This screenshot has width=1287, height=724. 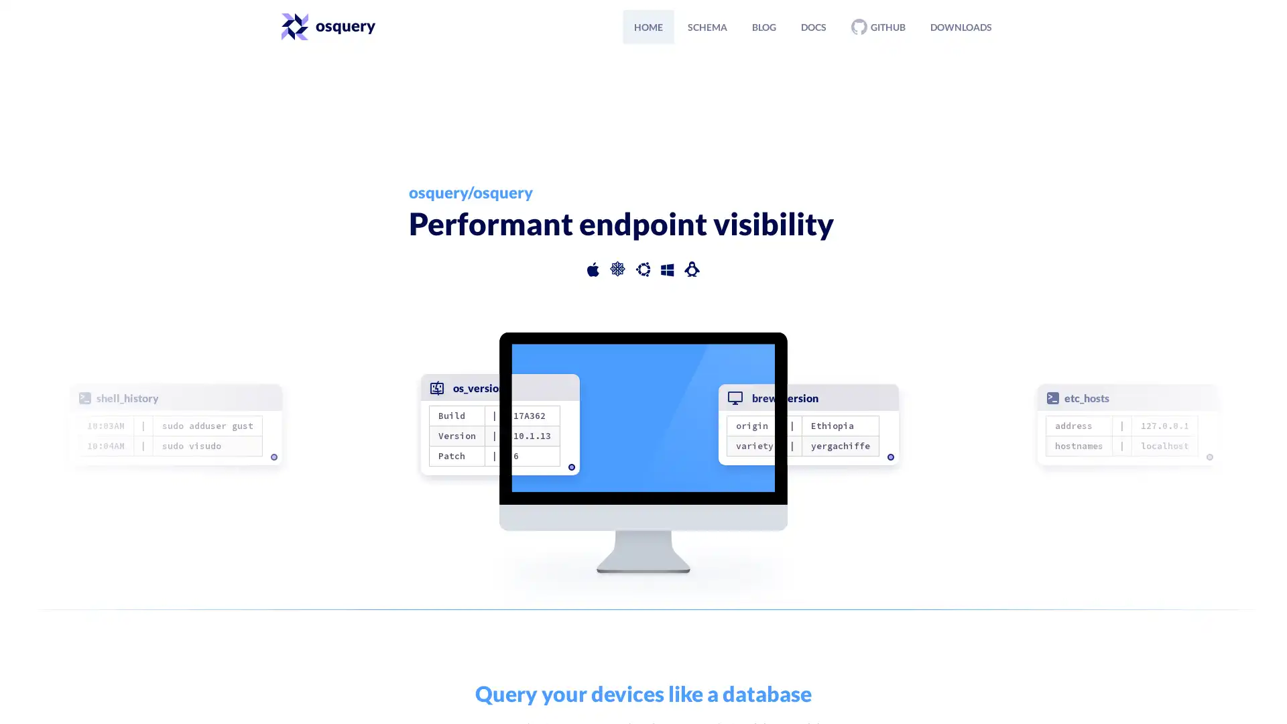 What do you see at coordinates (648, 26) in the screenshot?
I see `HOME` at bounding box center [648, 26].